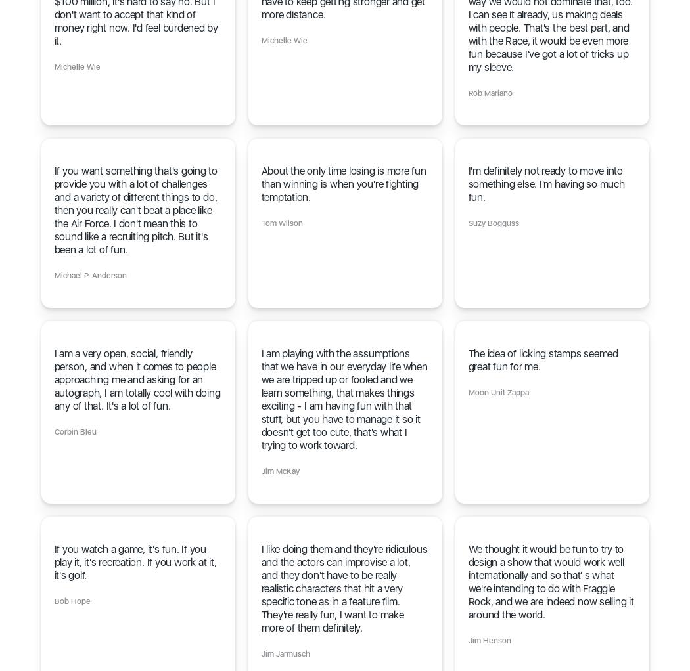 The image size is (690, 671). I want to click on 'Michael P. Anderson', so click(54, 276).